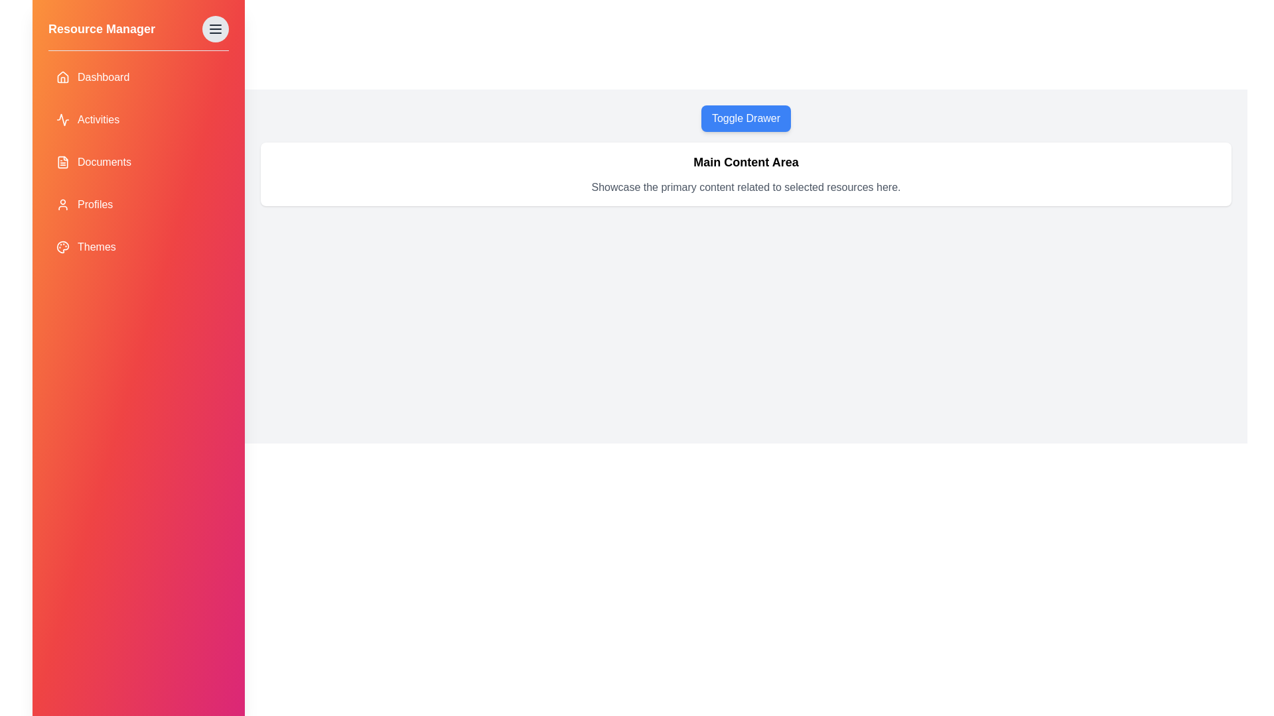 This screenshot has height=716, width=1274. I want to click on the Documents item in the drawer to navigate to that section, so click(139, 162).